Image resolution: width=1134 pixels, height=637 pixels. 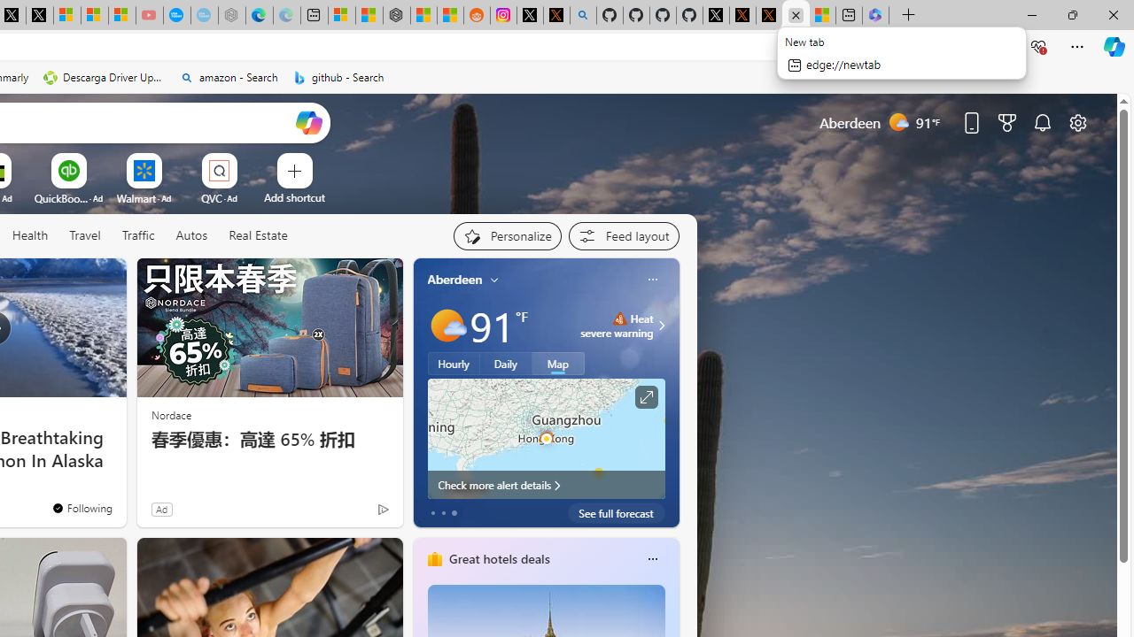 I want to click on 'Health', so click(x=30, y=234).